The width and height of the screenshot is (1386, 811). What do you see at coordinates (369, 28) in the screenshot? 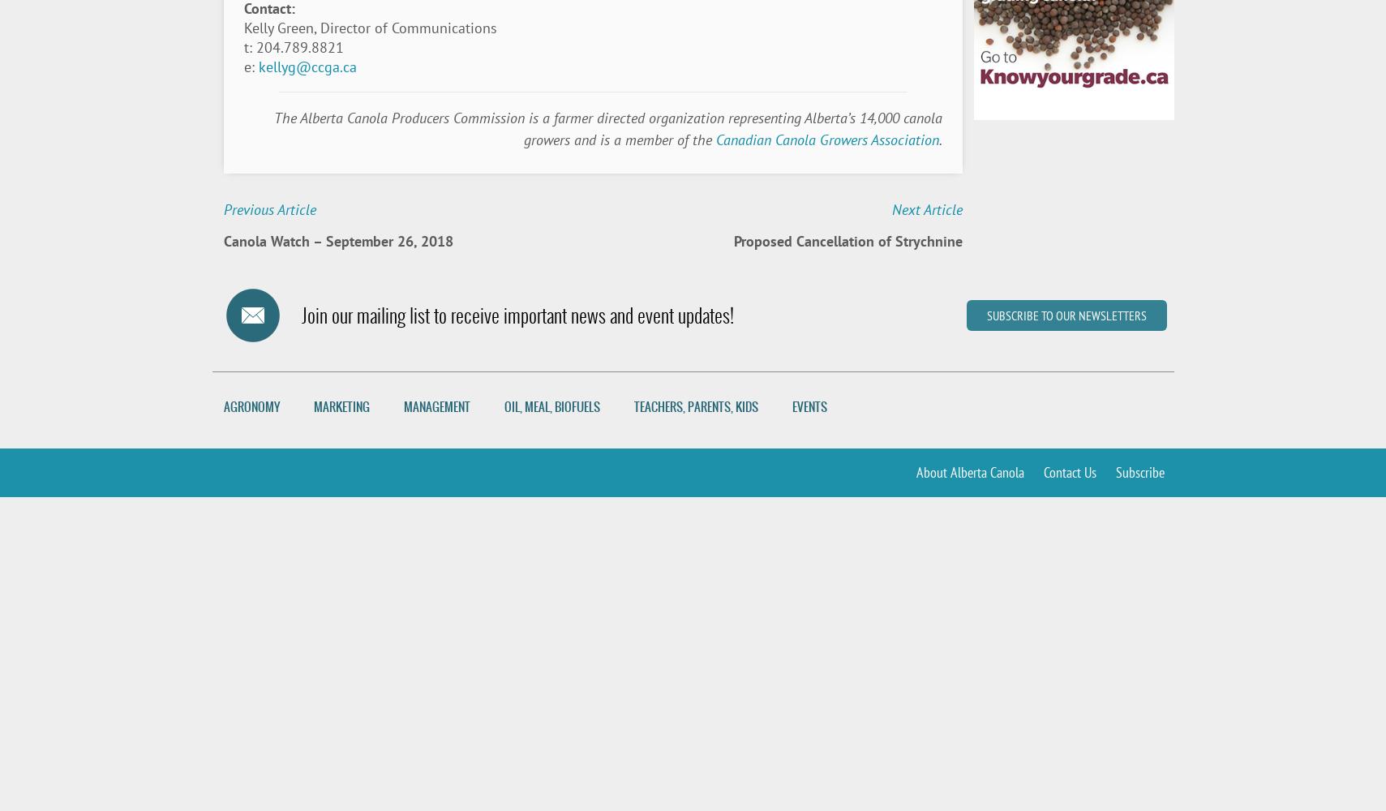
I see `'Kelly Green, Director of Communications'` at bounding box center [369, 28].